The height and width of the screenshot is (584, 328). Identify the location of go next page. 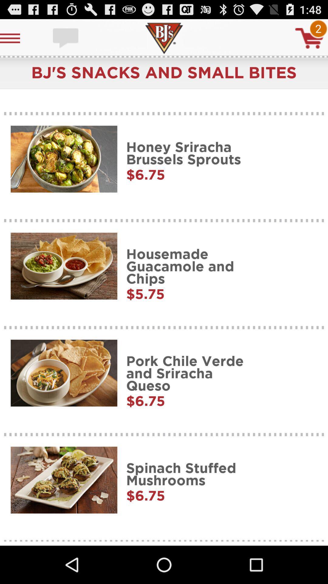
(309, 38).